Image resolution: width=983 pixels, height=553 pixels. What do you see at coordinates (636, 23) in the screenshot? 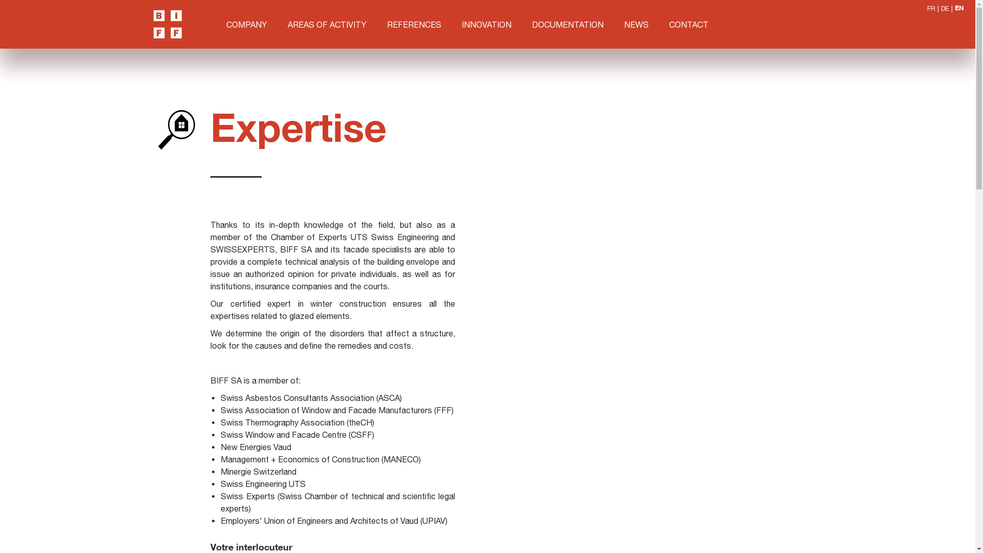
I see `'NEWS'` at bounding box center [636, 23].